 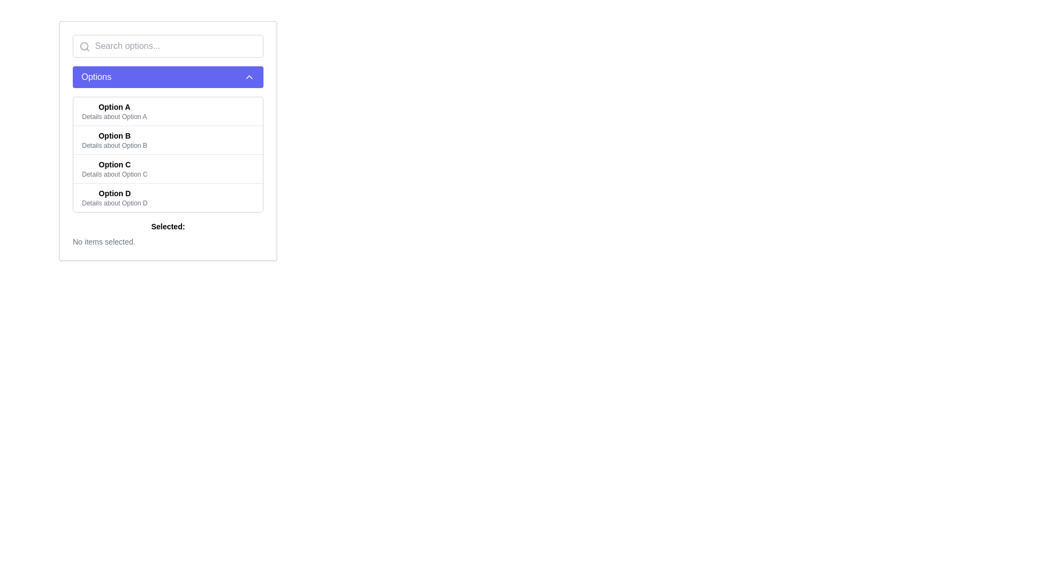 What do you see at coordinates (167, 139) in the screenshot?
I see `the second item in the selectable list that displays 'Option B'` at bounding box center [167, 139].